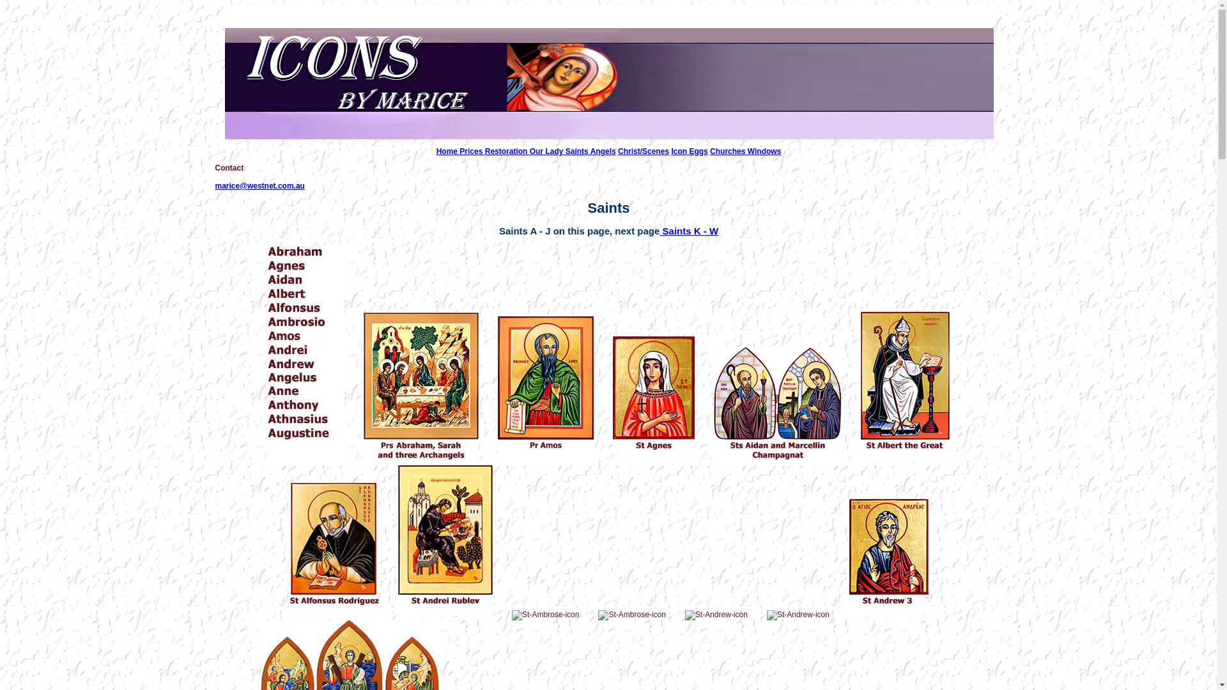  I want to click on 'marice@westnet.com.au', so click(259, 185).